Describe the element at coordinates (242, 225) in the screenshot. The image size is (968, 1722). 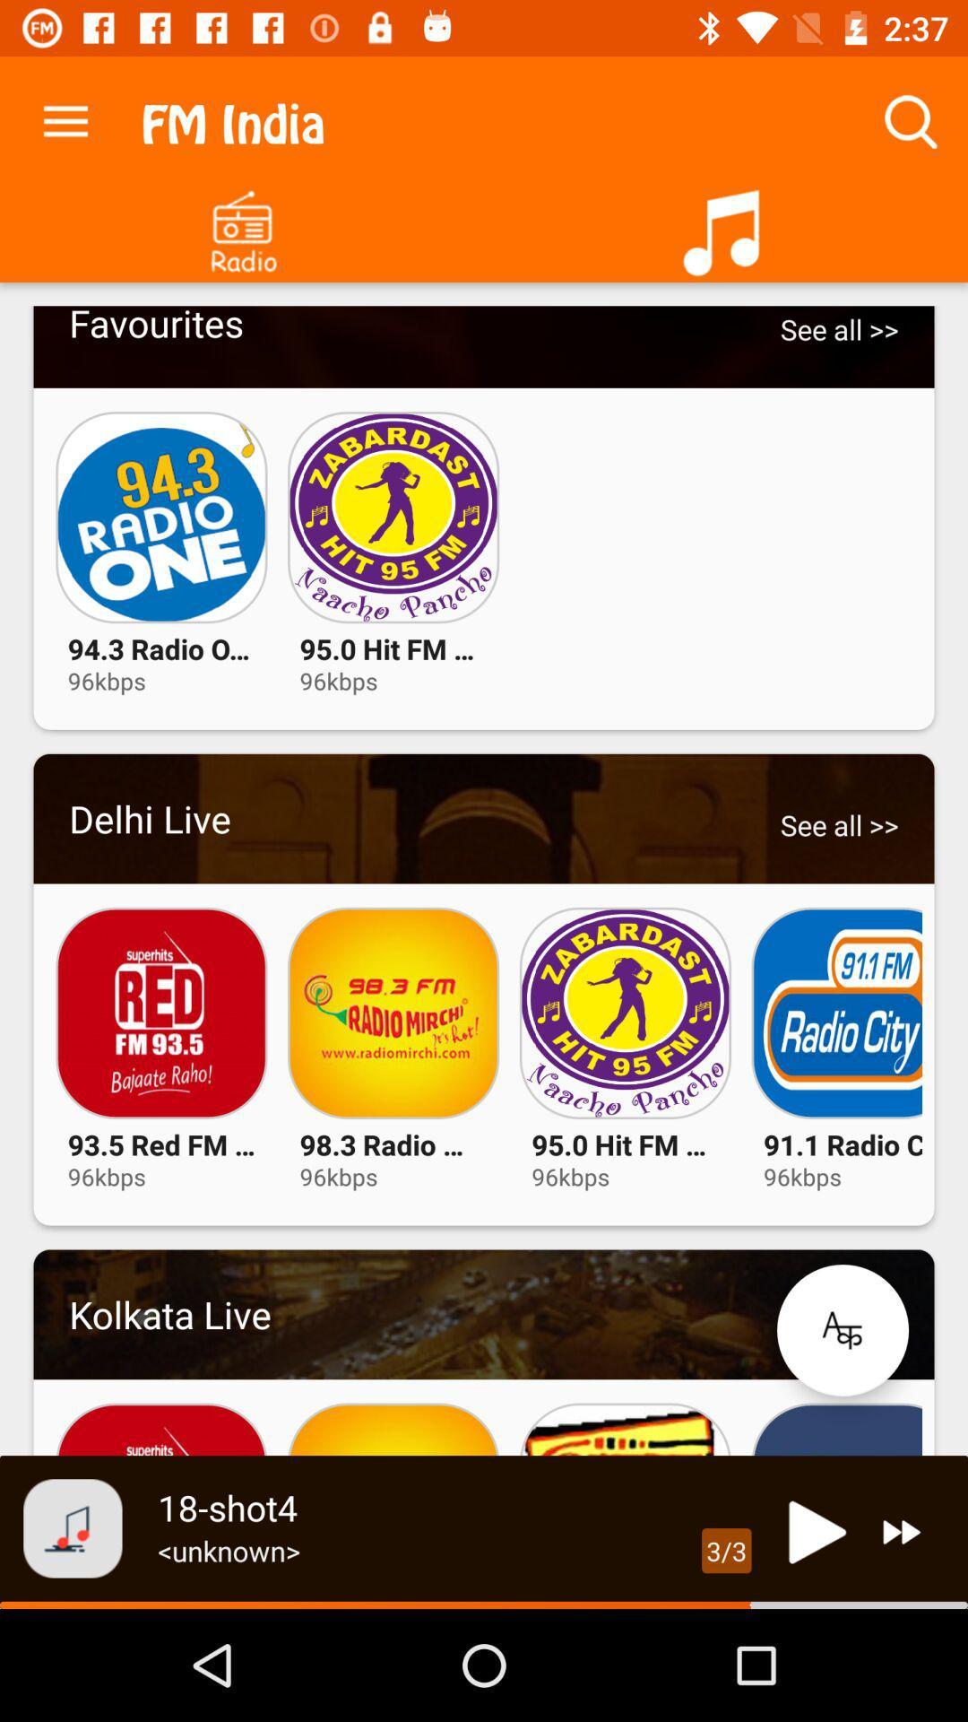
I see `radio` at that location.